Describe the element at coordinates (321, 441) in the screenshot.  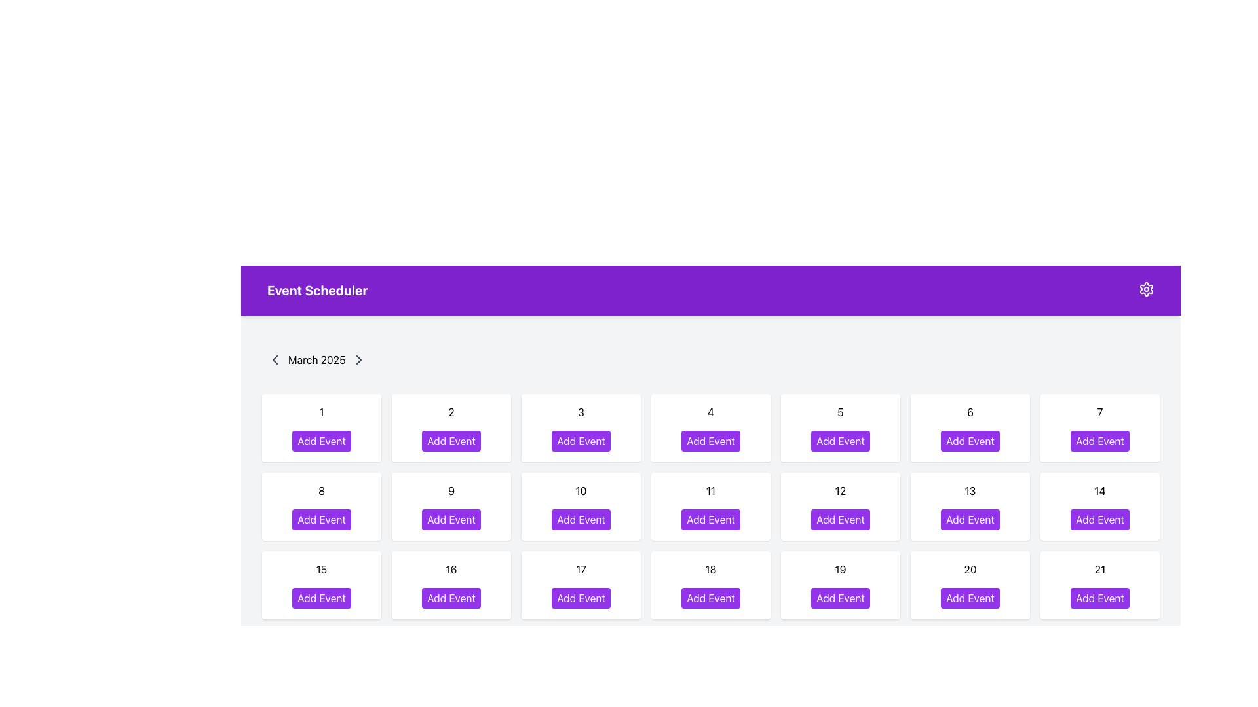
I see `the 'Add Event' button, which is a rectangular button with rounded edges, featuring white text on a vivid purple background, located in the Event Scheduler interface under the calendar day labeled '1'` at that location.